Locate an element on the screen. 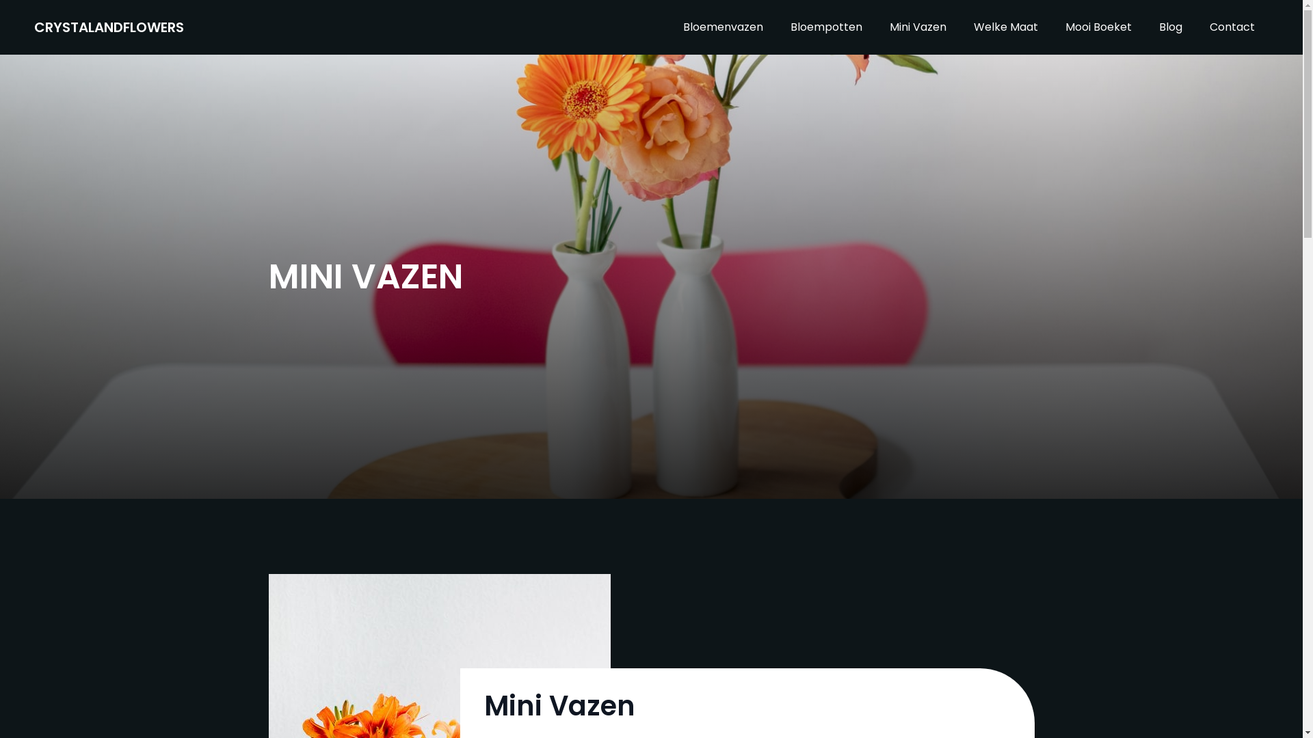  'Welke Maat' is located at coordinates (1005, 27).